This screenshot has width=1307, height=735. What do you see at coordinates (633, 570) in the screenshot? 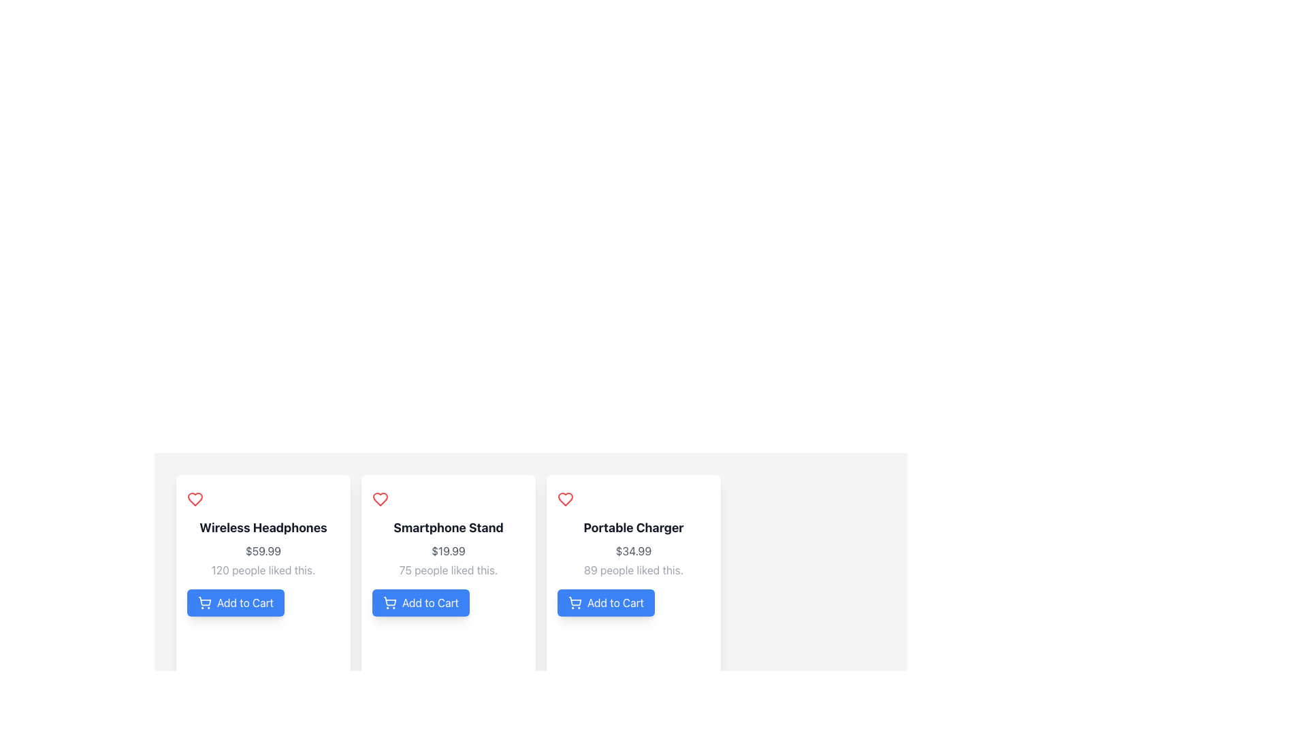
I see `the static text label that reads '89 people liked this.', which is located beneath the price information of the 'Portable Charger' and above the blue 'Add to Cart' button` at bounding box center [633, 570].